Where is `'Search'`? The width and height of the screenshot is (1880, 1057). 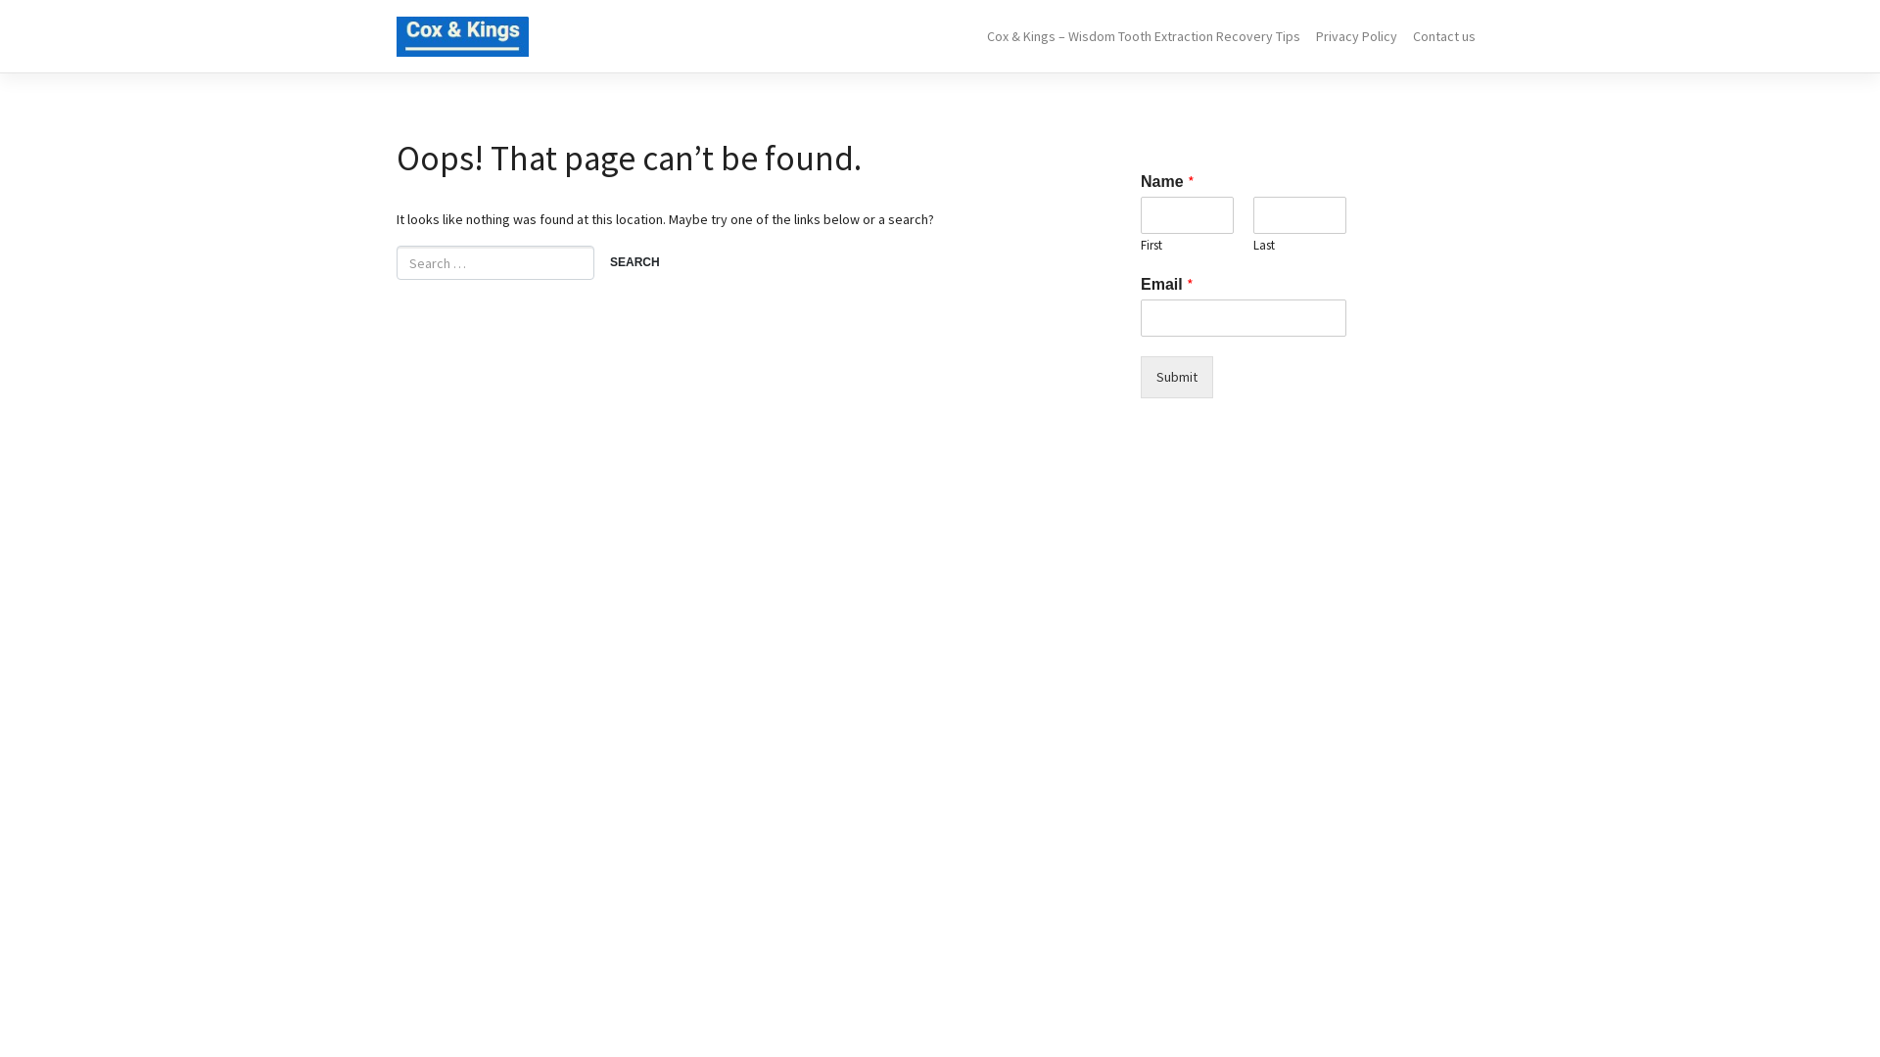 'Search' is located at coordinates (634, 264).